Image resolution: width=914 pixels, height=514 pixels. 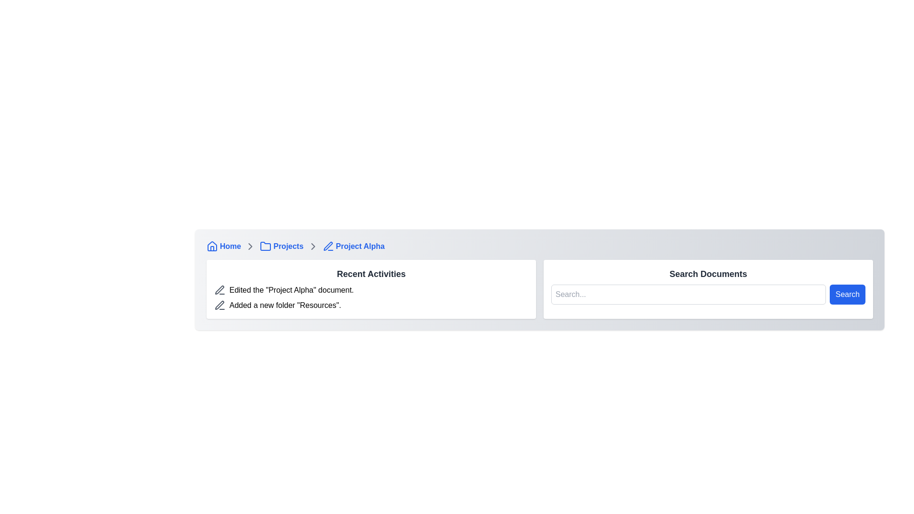 I want to click on the List of activity entries containing the descriptions 'Edited the 'Project Alpha' document.' and 'Added a new folder 'Resources'.', so click(x=370, y=297).